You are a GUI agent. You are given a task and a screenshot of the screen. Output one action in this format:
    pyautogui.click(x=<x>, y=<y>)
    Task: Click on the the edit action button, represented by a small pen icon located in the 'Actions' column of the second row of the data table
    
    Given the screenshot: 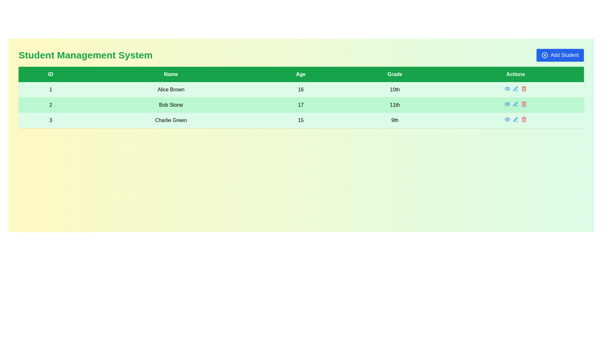 What is the action you would take?
    pyautogui.click(x=515, y=88)
    